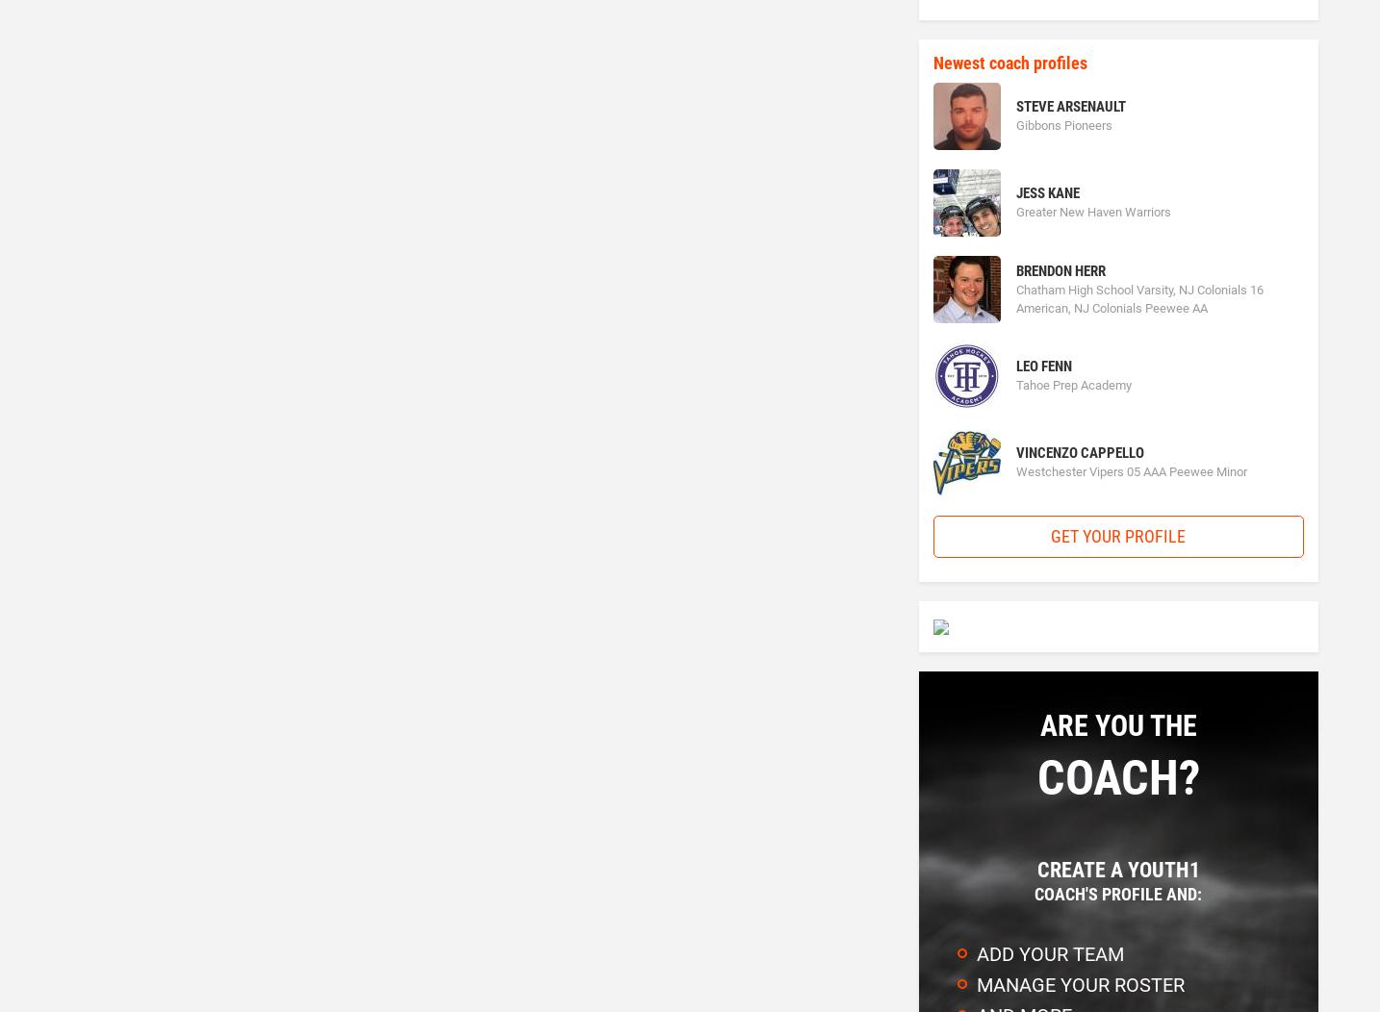  I want to click on 'Gibbons Pioneers', so click(1063, 125).